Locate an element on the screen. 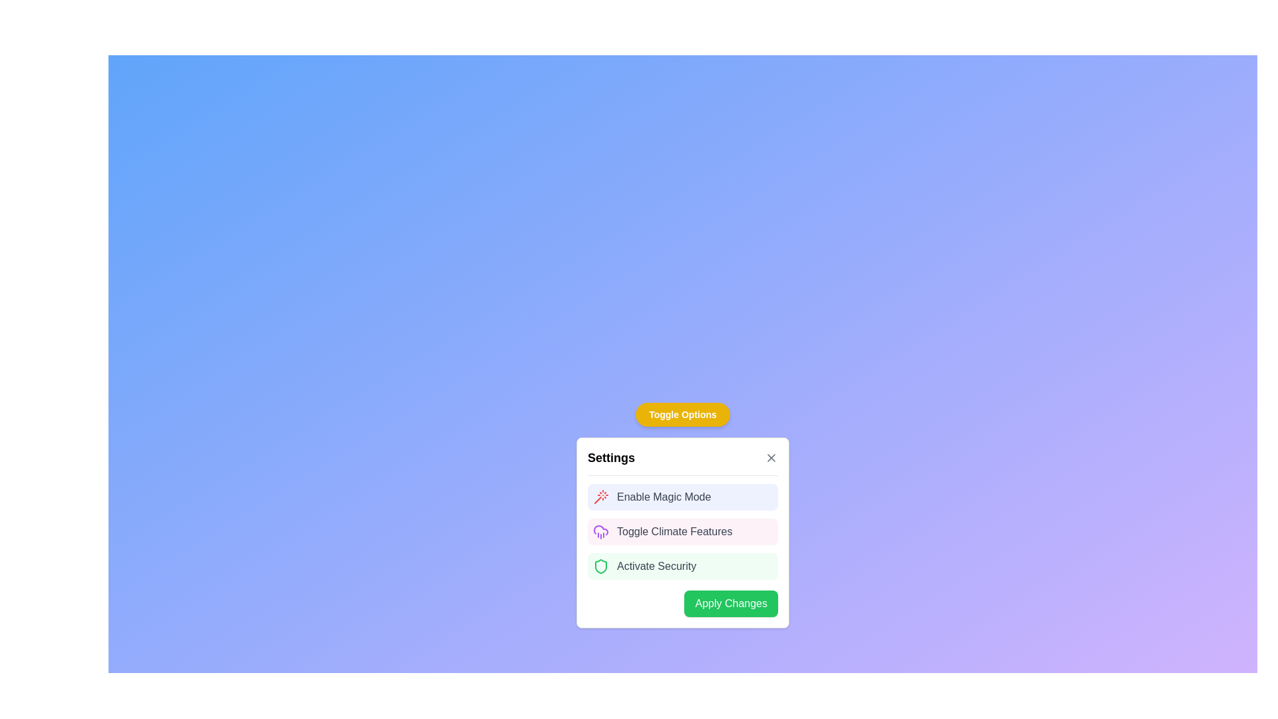  the toggle option within the group of interactive options in the 'Settings' modal to change its state is located at coordinates (683, 527).